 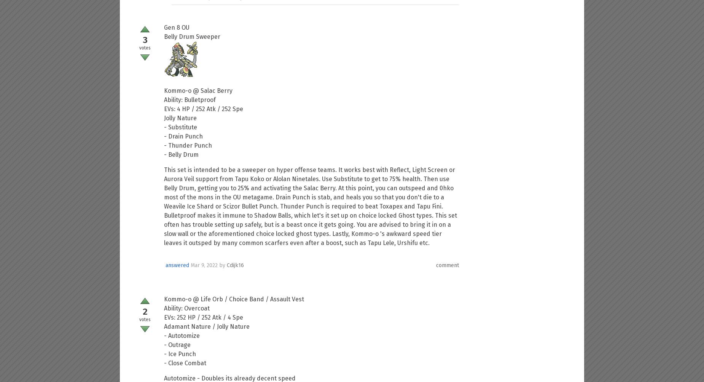 I want to click on '- Belly Drum', so click(x=164, y=154).